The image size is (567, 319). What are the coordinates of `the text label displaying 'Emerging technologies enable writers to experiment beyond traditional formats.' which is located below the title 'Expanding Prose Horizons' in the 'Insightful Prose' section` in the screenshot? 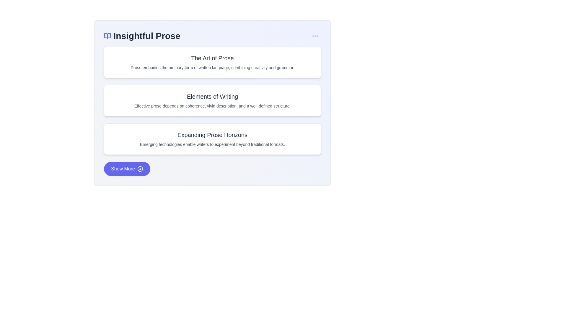 It's located at (212, 144).